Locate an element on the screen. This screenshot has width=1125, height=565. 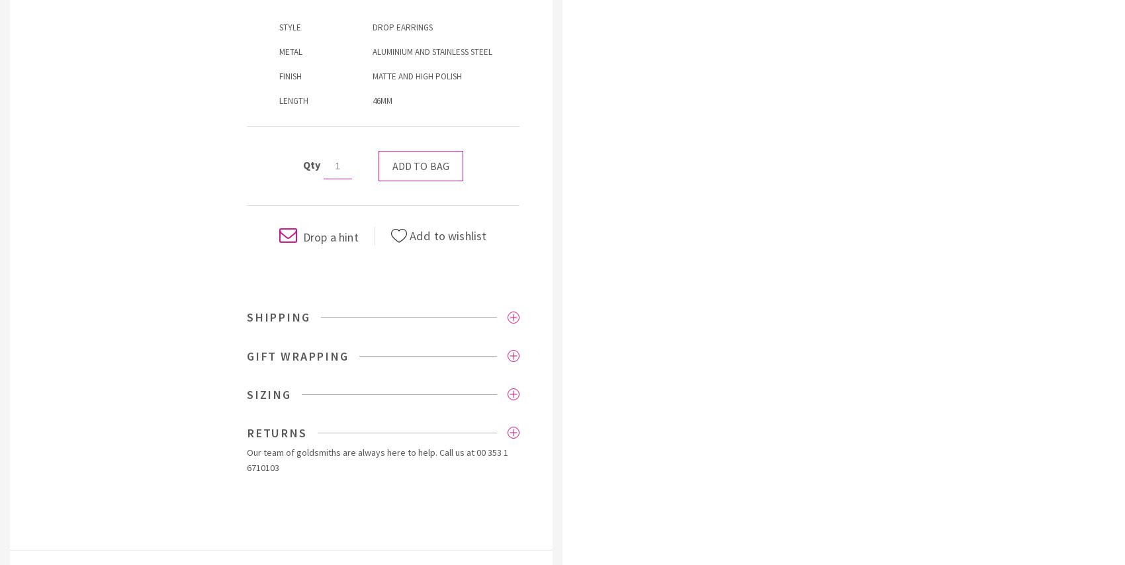
'00 353 1 6710103' is located at coordinates (377, 458).